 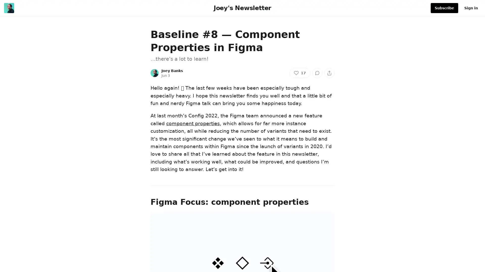 What do you see at coordinates (300, 73) in the screenshot?
I see `17` at bounding box center [300, 73].